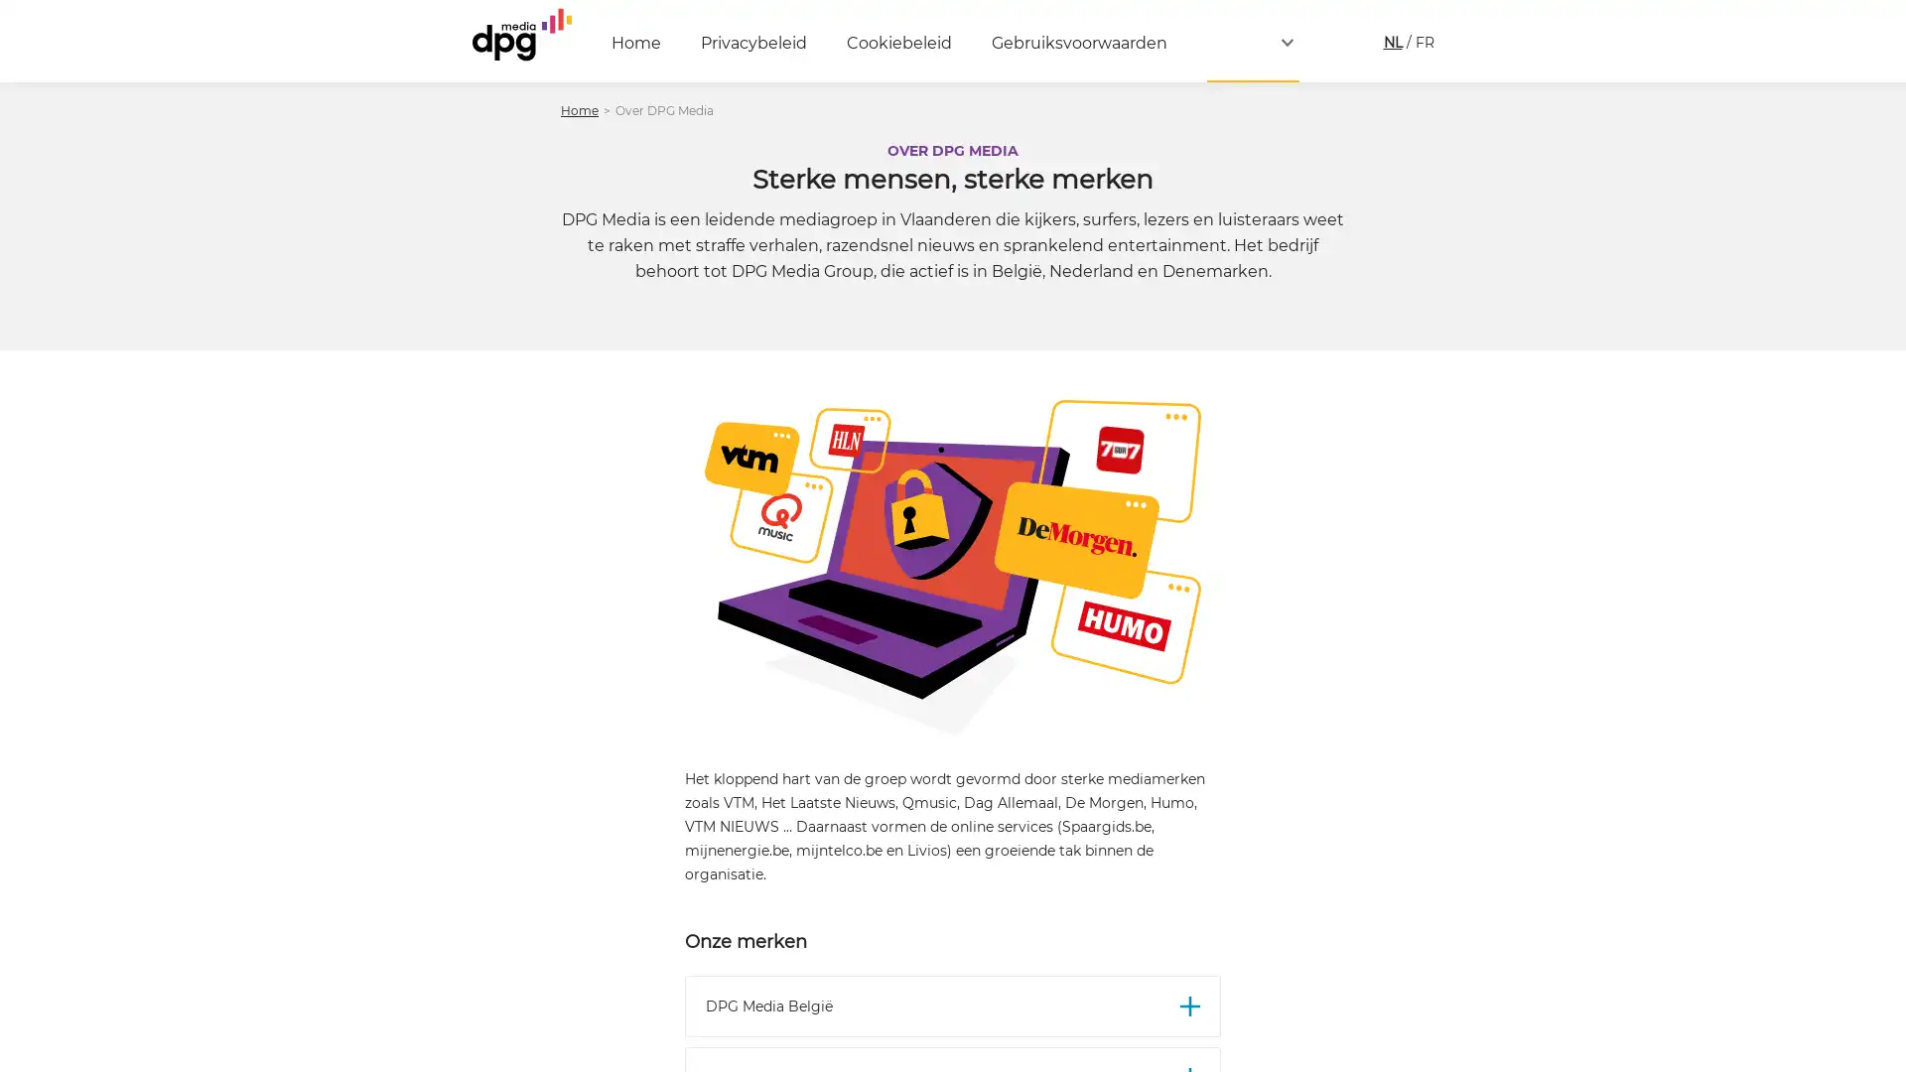 The height and width of the screenshot is (1072, 1906). What do you see at coordinates (1880, 778) in the screenshot?
I see `close icon` at bounding box center [1880, 778].